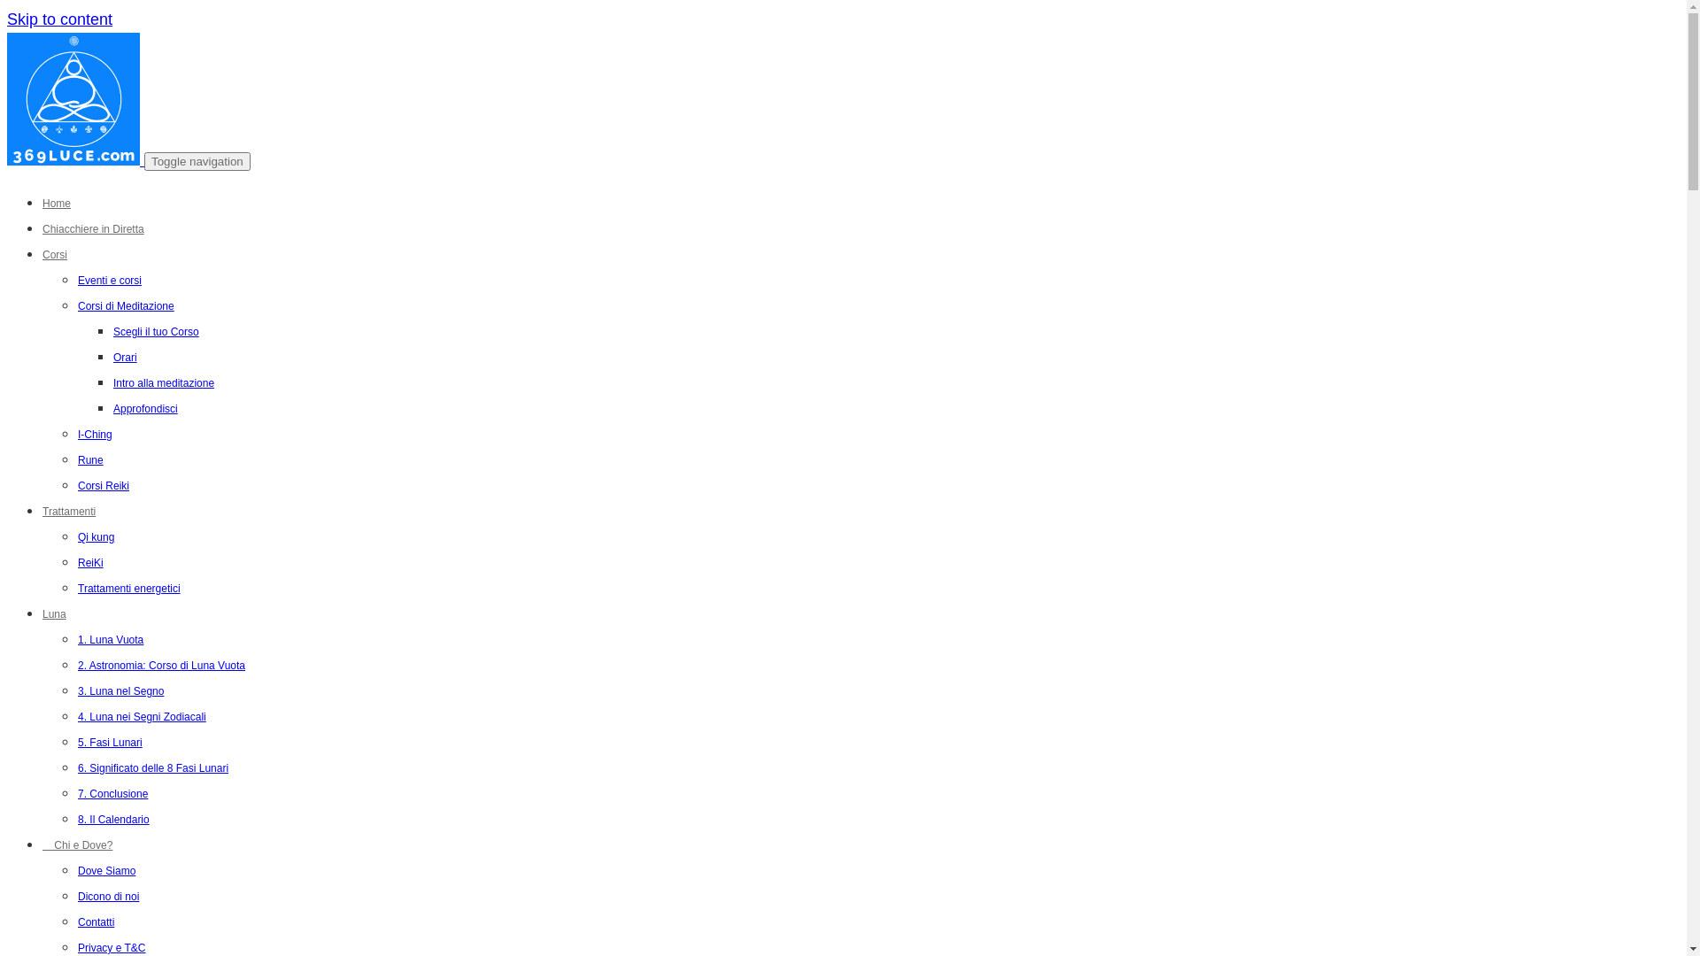 This screenshot has width=1700, height=956. I want to click on 'Trattamenti energetici', so click(76, 588).